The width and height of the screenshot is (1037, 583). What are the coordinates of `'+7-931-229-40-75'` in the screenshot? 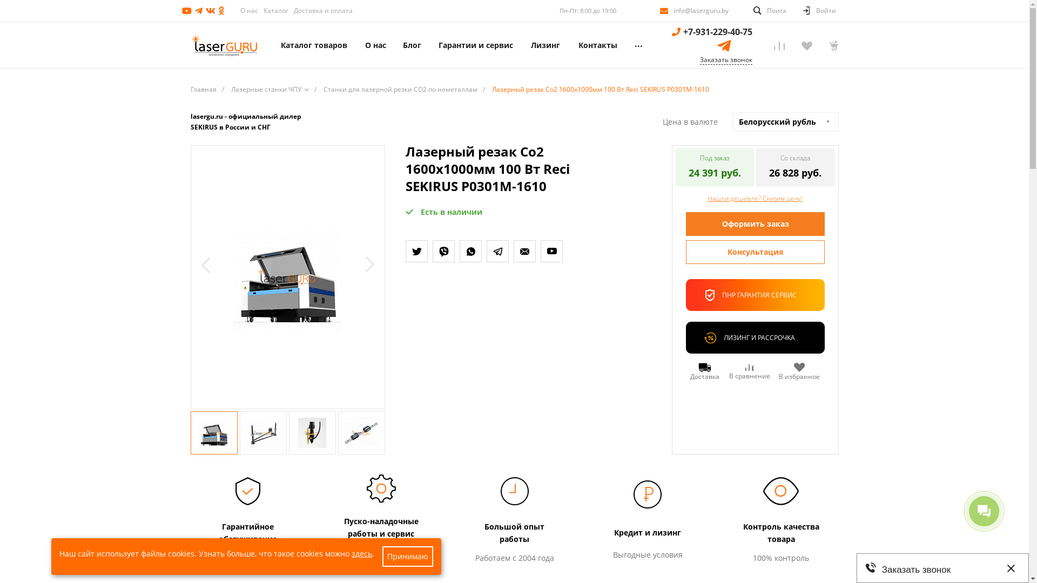 It's located at (717, 31).